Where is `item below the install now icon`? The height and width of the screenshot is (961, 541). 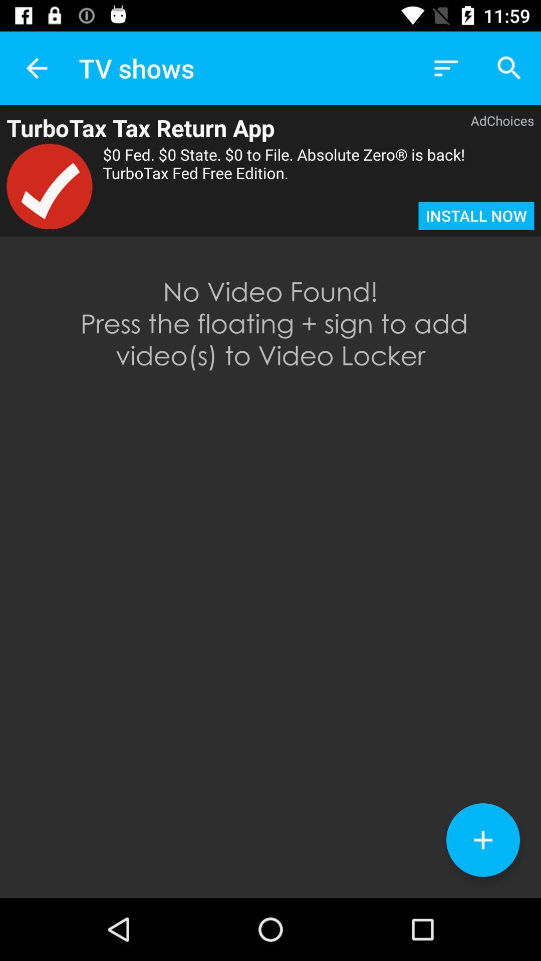 item below the install now icon is located at coordinates (482, 840).